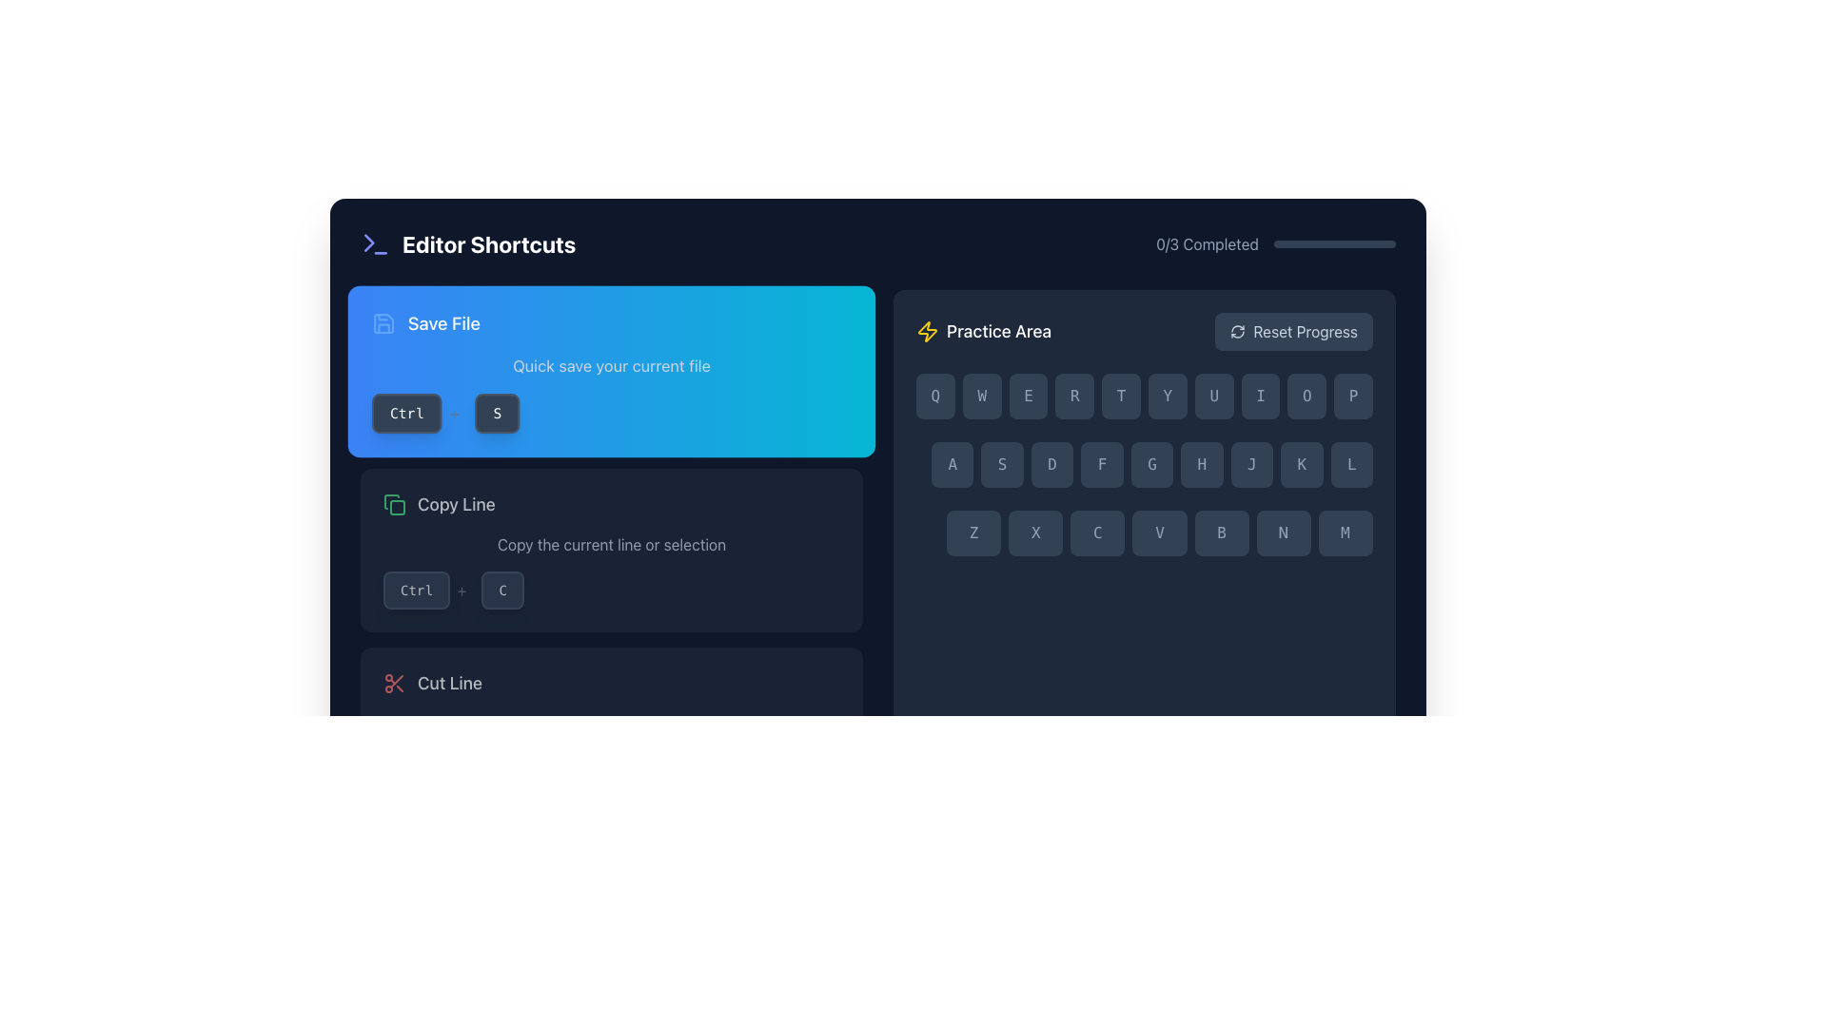 Image resolution: width=1827 pixels, height=1027 pixels. Describe the element at coordinates (1121, 395) in the screenshot. I see `the small rectangular button with a dark slate background and light-colored text 'T', located between the 'R' and 'Y' keys in the virtual keyboard under the 'Practice Area' title` at that location.